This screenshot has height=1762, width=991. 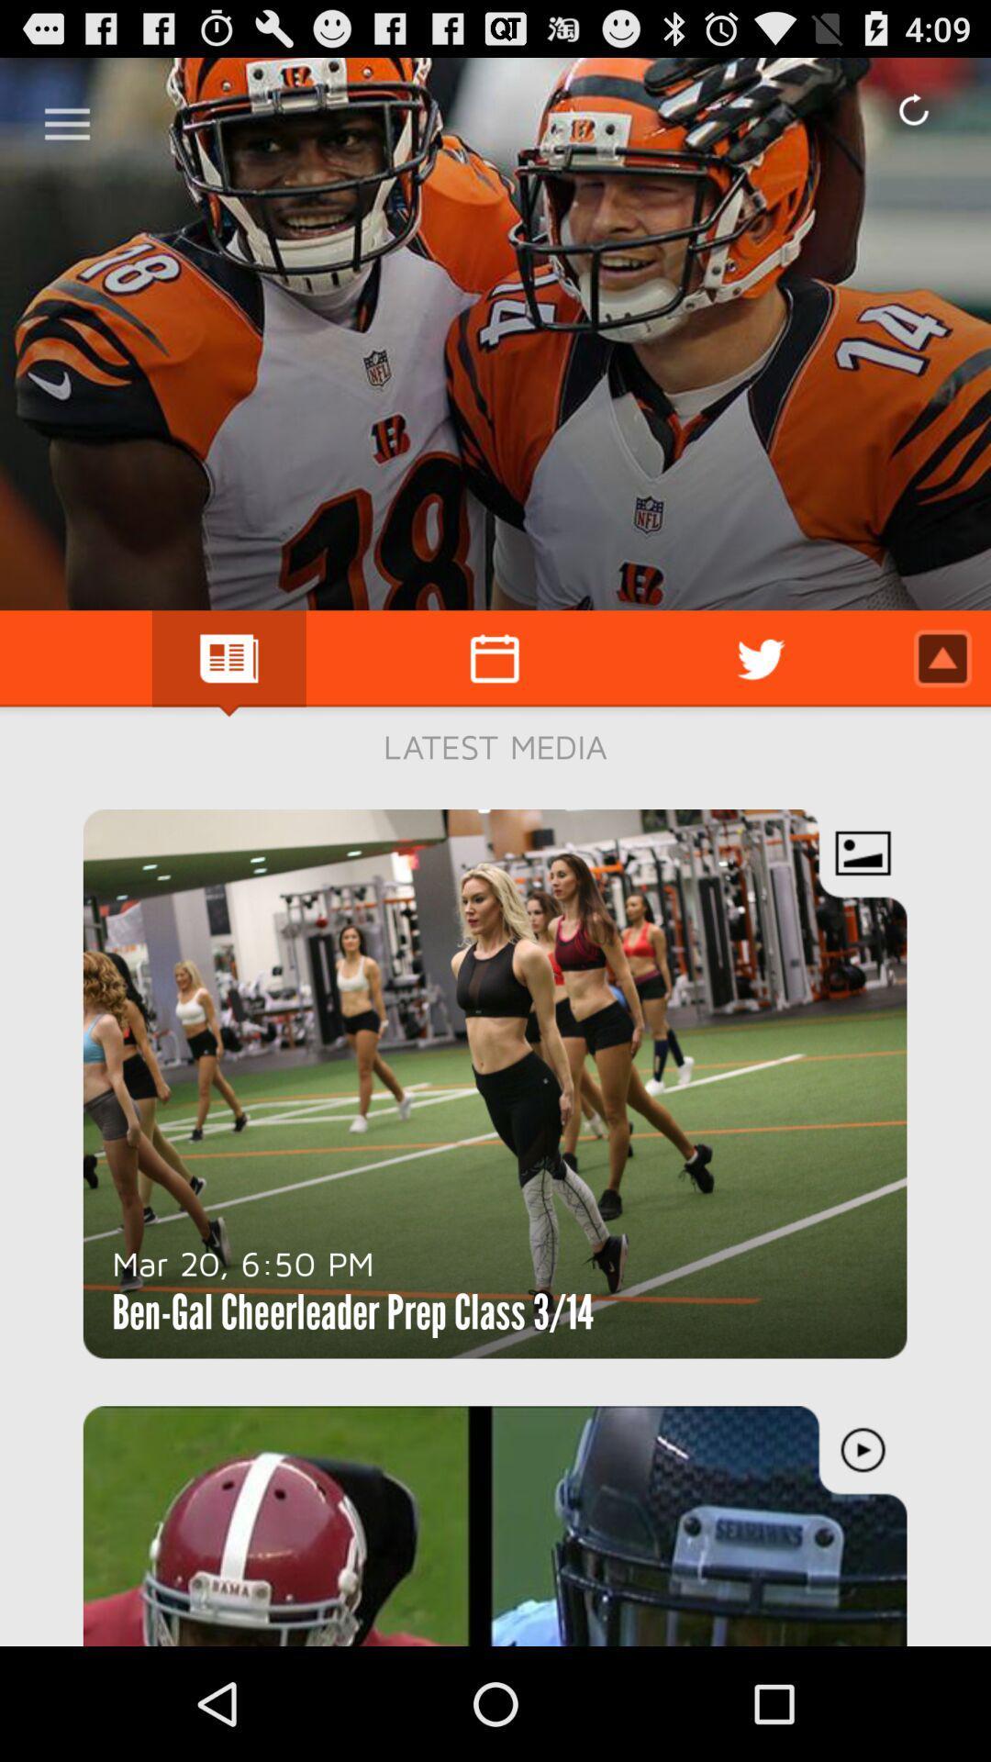 I want to click on icon below the latest media item, so click(x=242, y=1262).